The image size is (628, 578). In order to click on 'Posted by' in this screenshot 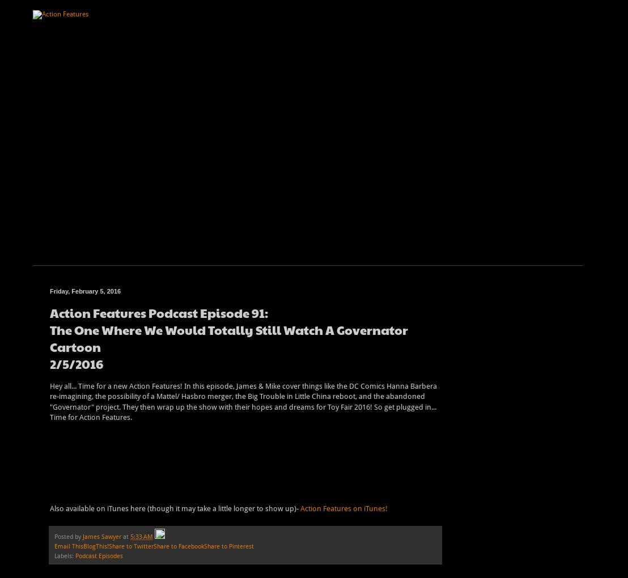, I will do `click(68, 535)`.